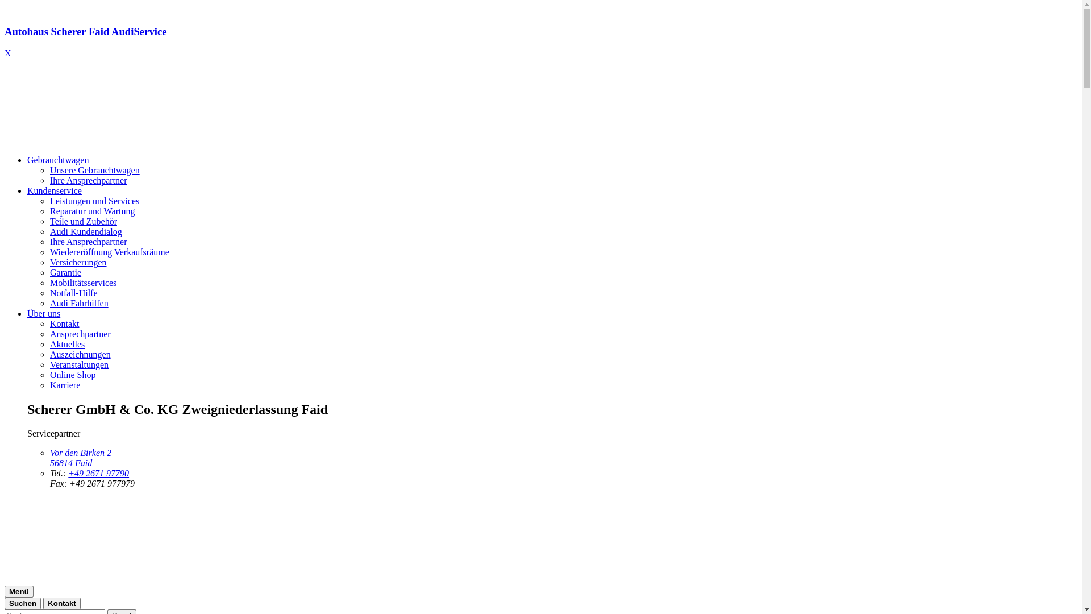 Image resolution: width=1091 pixels, height=614 pixels. What do you see at coordinates (88, 180) in the screenshot?
I see `'Ihre Ansprechpartner'` at bounding box center [88, 180].